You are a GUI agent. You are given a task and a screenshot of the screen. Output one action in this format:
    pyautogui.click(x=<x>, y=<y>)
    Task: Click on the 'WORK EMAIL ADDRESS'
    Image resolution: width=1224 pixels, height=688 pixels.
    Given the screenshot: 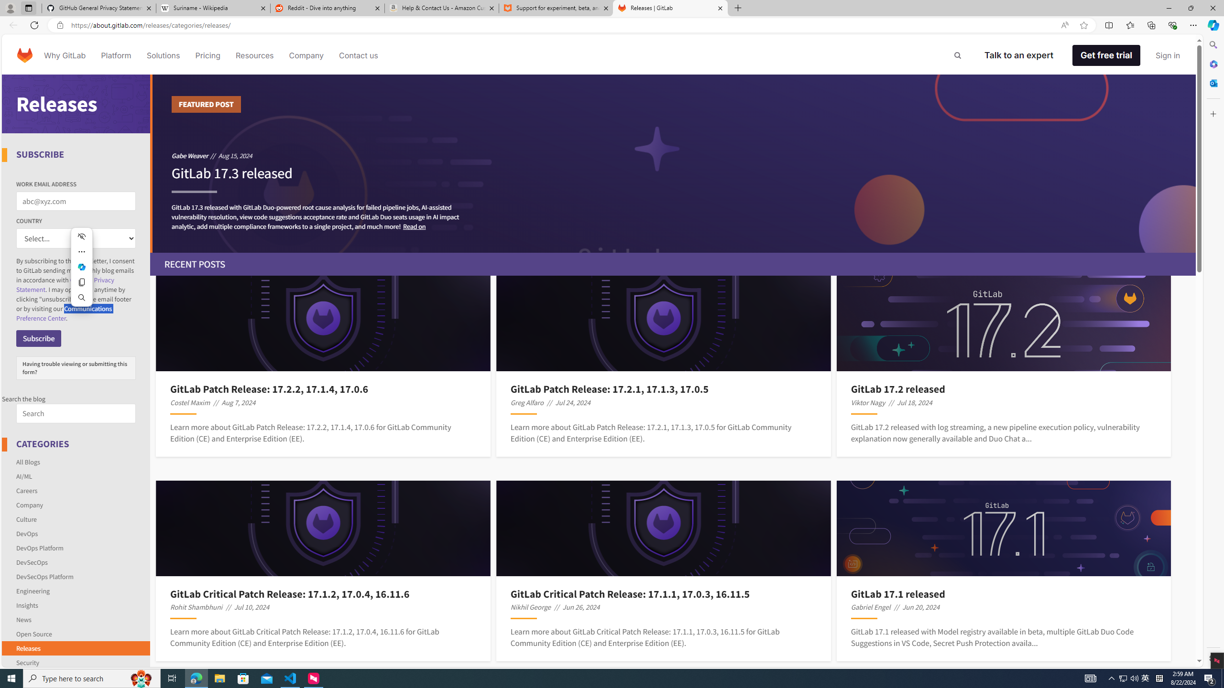 What is the action you would take?
    pyautogui.click(x=76, y=201)
    